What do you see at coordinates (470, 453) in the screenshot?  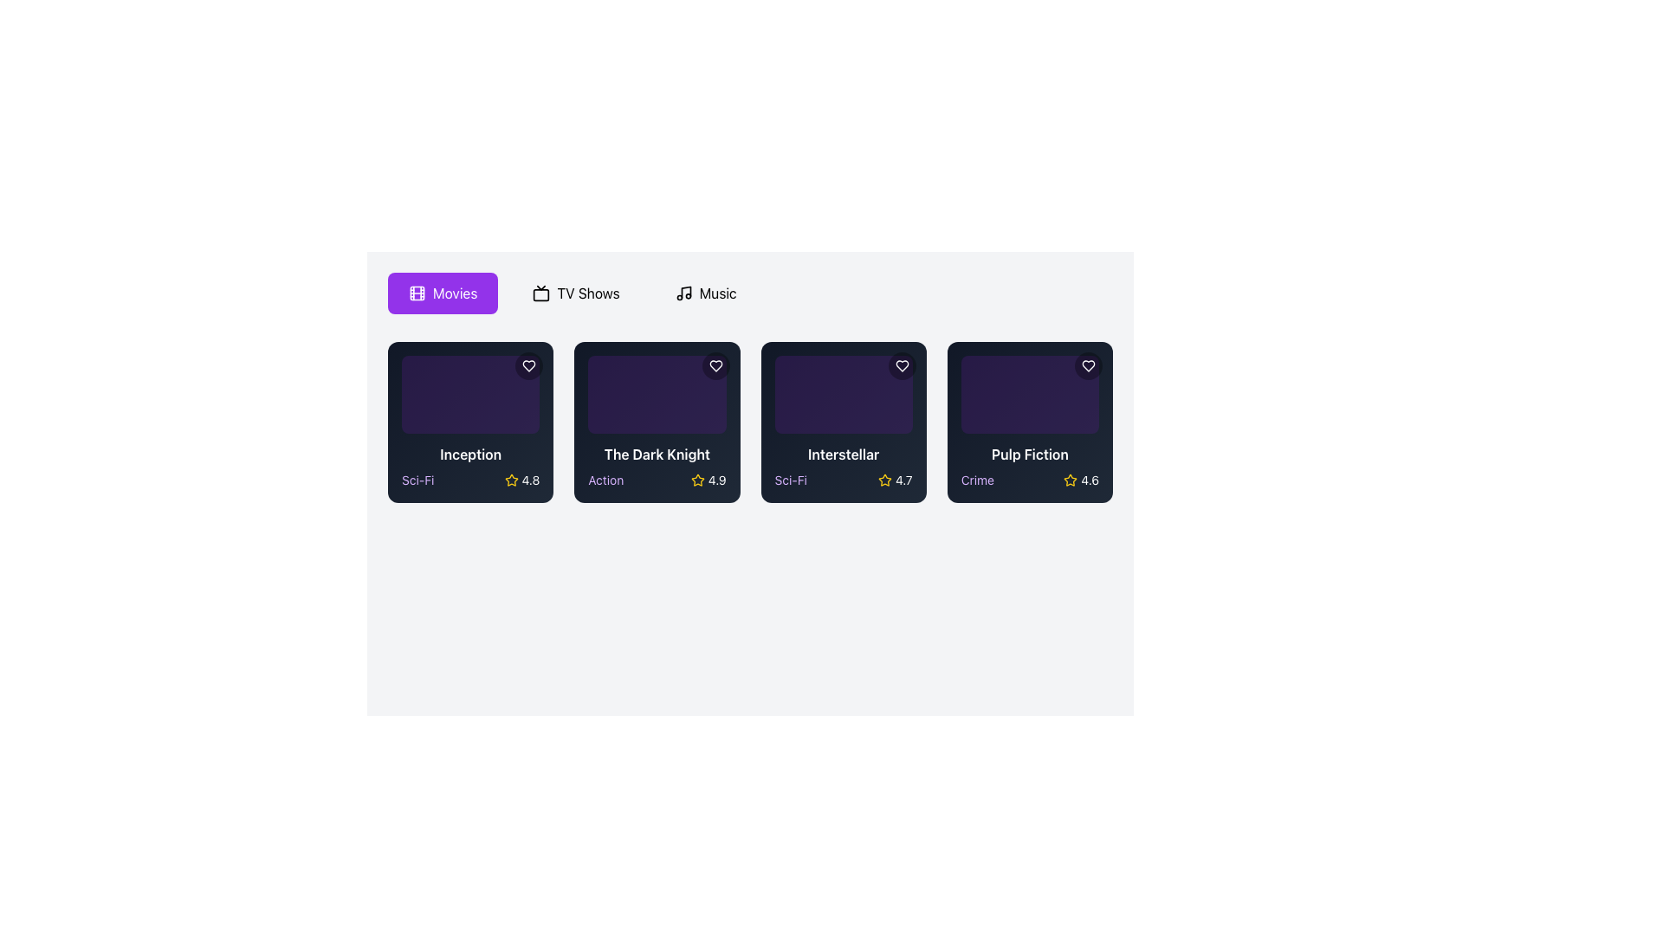 I see `text 'Inception' from the movie title label located in the bottom middle section of the first movie card, positioned above the 'Sci-Fi' label and rating stars` at bounding box center [470, 453].